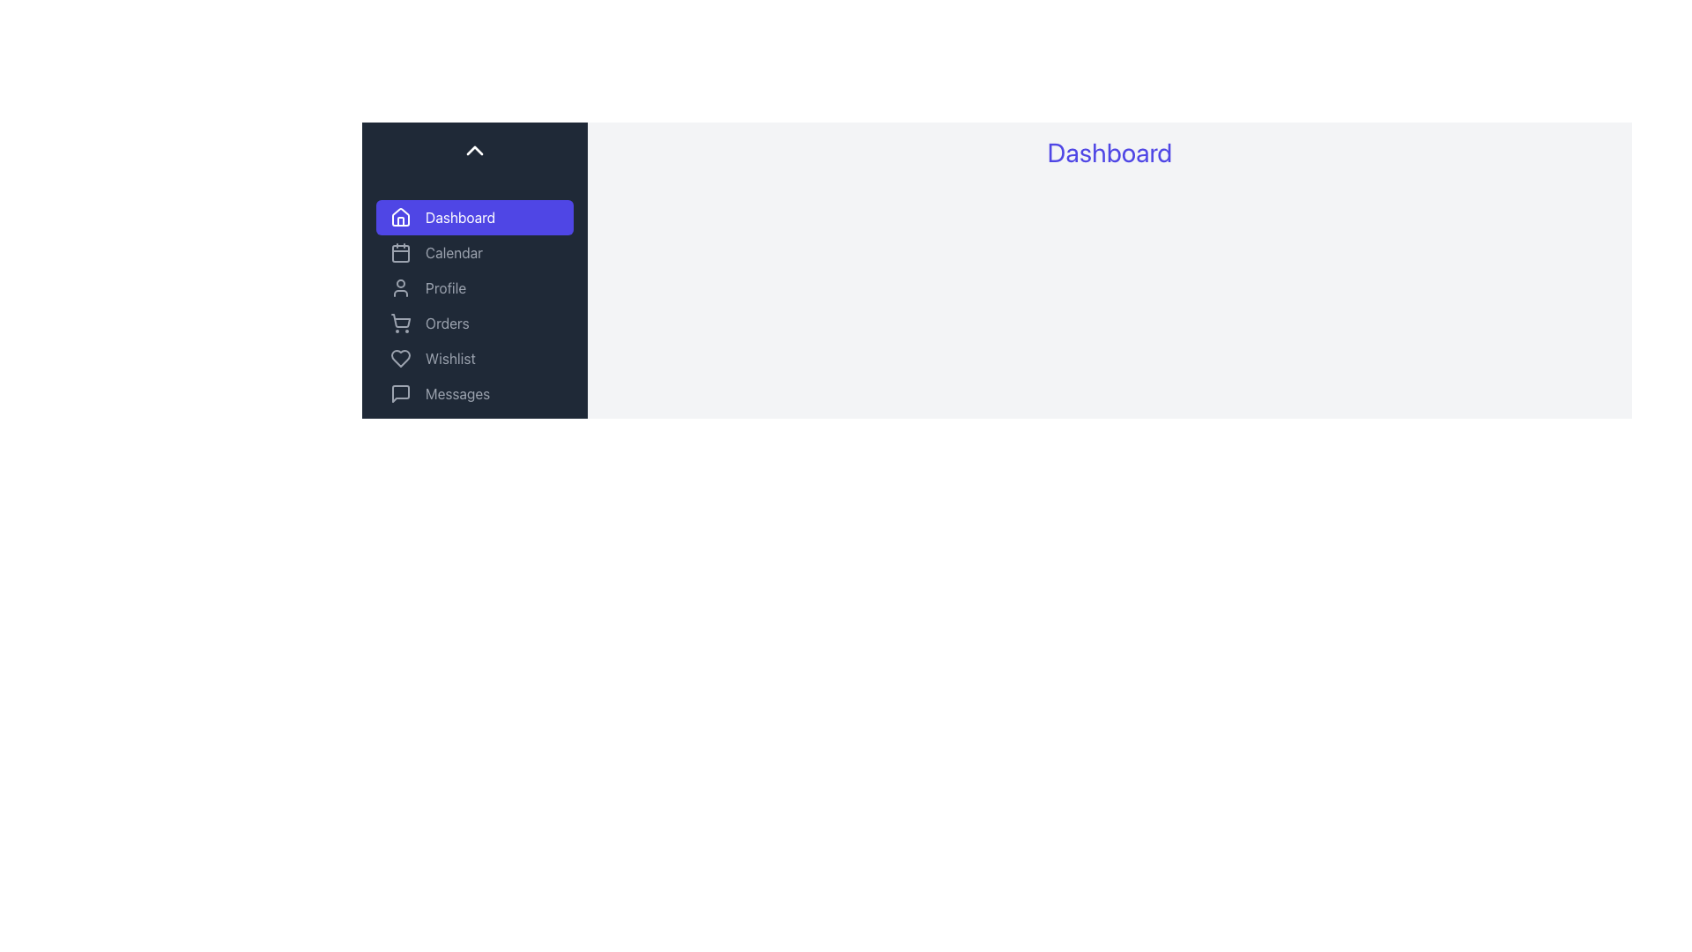 The image size is (1692, 952). Describe the element at coordinates (474, 216) in the screenshot. I see `the indigo blue rectangular button labeled 'Dashboard' with a house icon` at that location.